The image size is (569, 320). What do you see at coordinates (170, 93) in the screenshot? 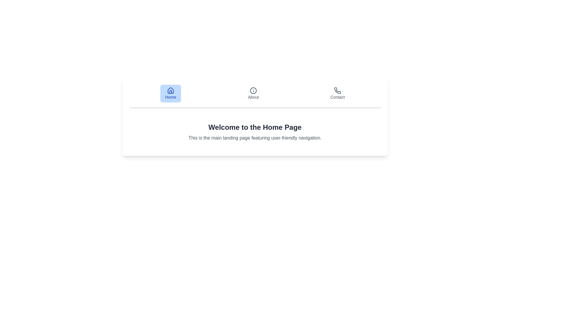
I see `the Home tab to view its content` at bounding box center [170, 93].